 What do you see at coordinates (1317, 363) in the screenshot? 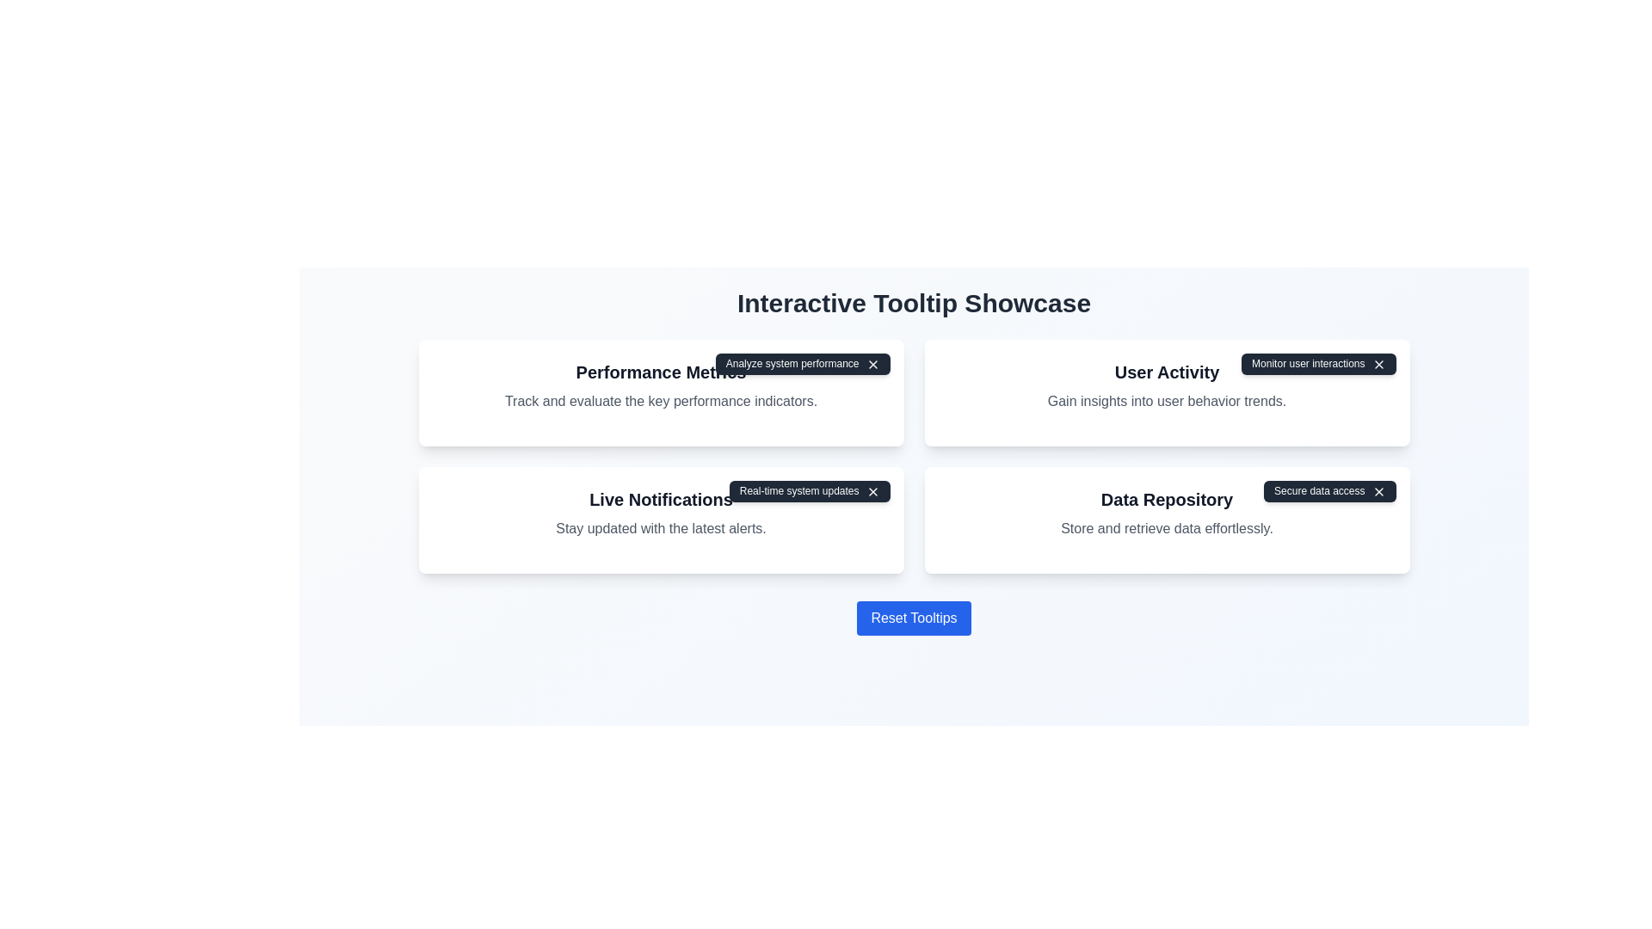
I see `the 'X' icon on the label with the text 'Monitor user interactions'` at bounding box center [1317, 363].